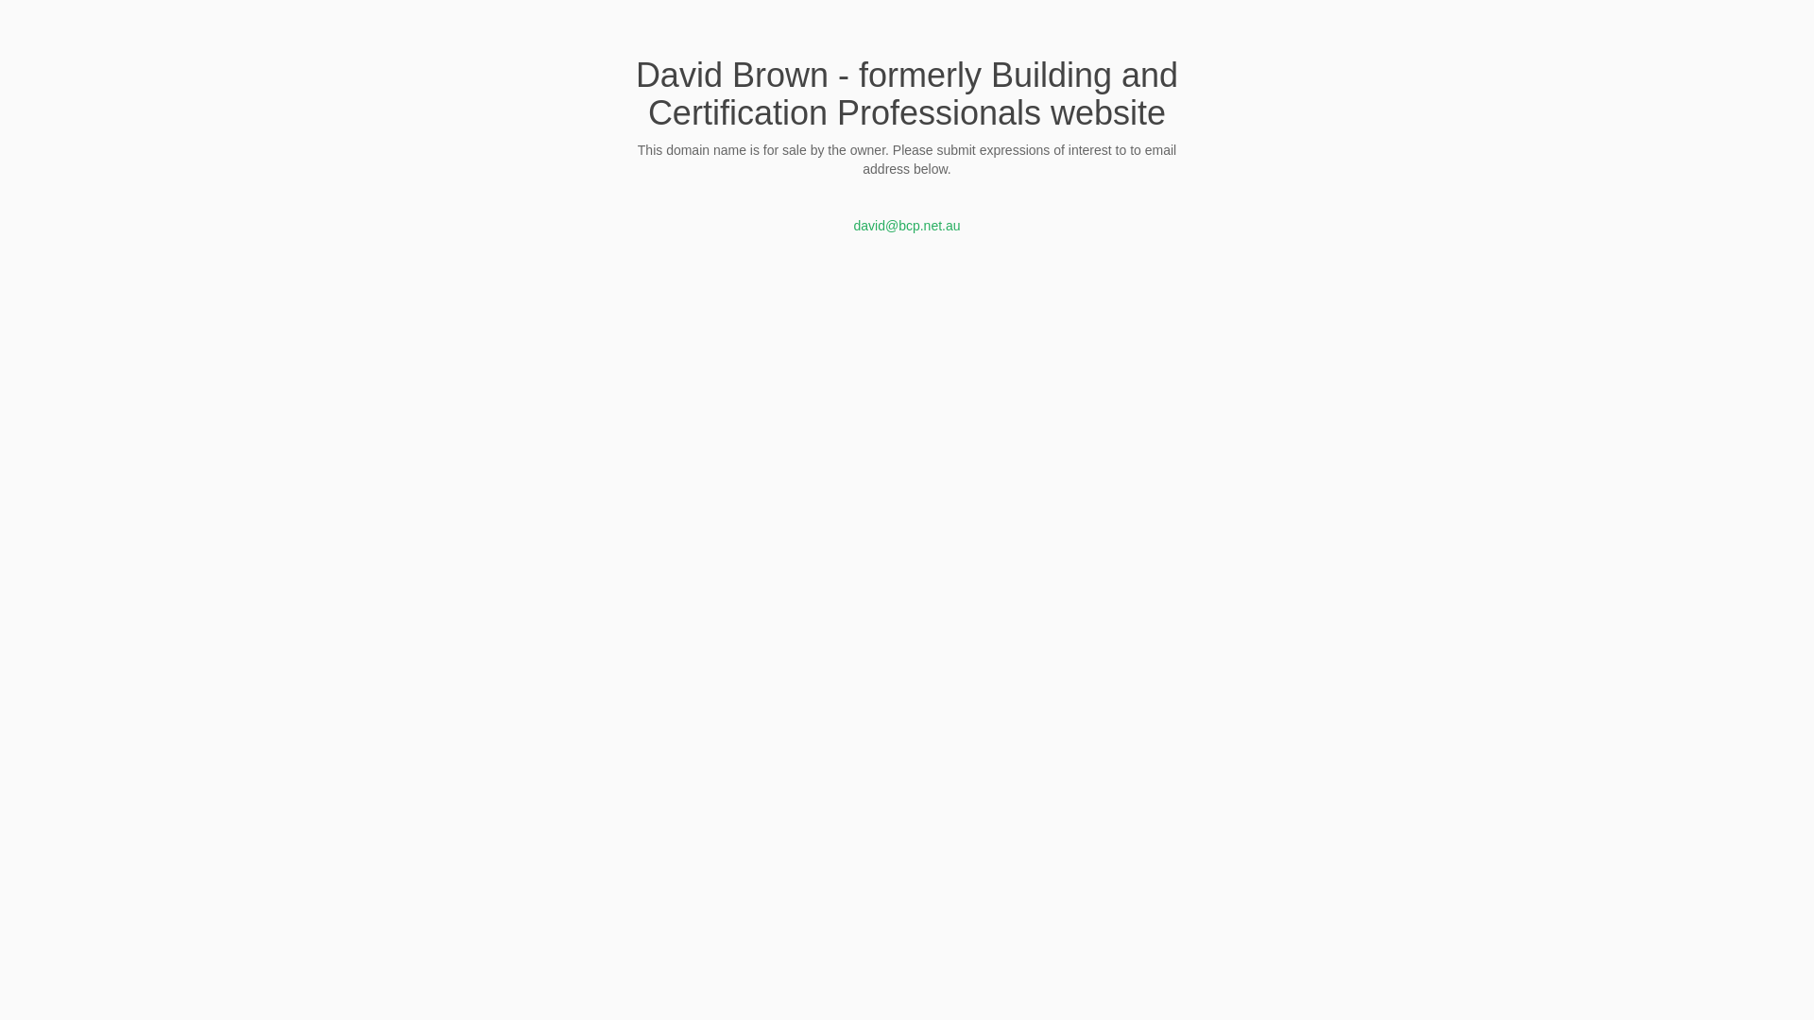  What do you see at coordinates (905, 225) in the screenshot?
I see `'david@bcp.net.au'` at bounding box center [905, 225].